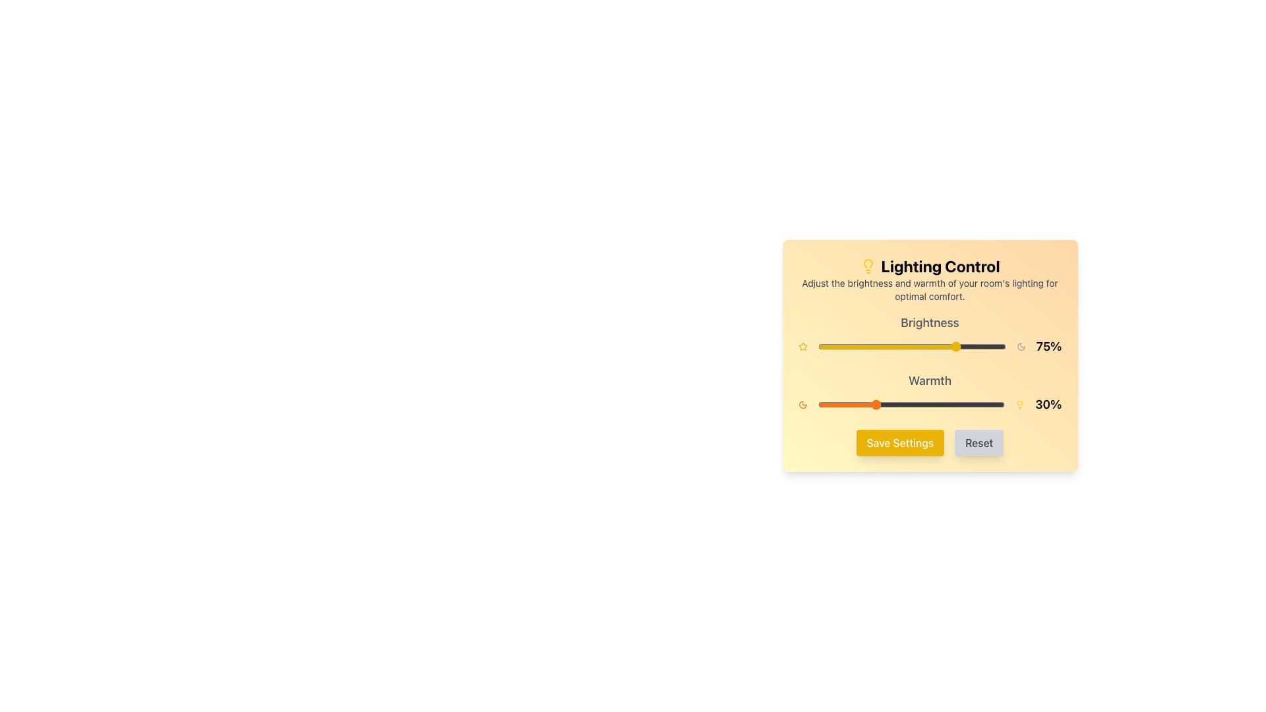 This screenshot has width=1266, height=712. What do you see at coordinates (876, 403) in the screenshot?
I see `the warmth` at bounding box center [876, 403].